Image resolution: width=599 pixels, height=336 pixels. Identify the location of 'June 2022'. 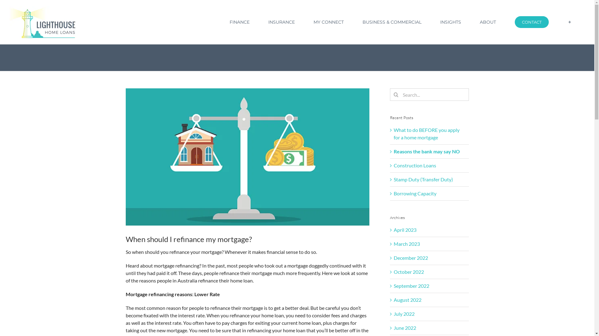
(405, 327).